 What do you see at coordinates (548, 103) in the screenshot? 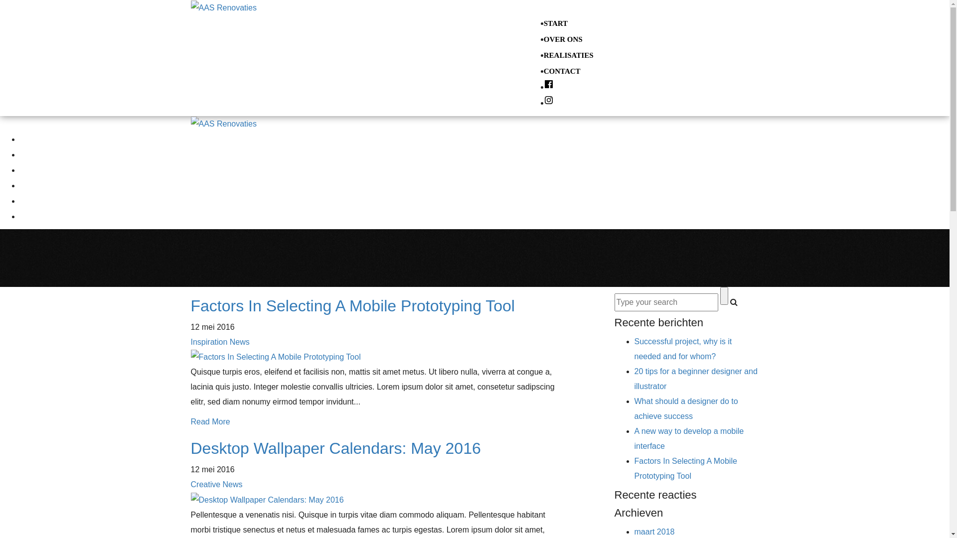
I see `'title="Instagram"'` at bounding box center [548, 103].